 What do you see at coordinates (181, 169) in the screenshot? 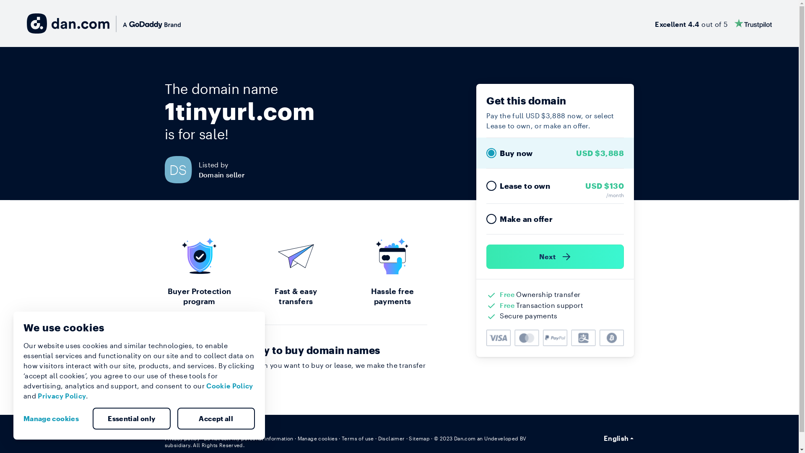
I see `'DS'` at bounding box center [181, 169].